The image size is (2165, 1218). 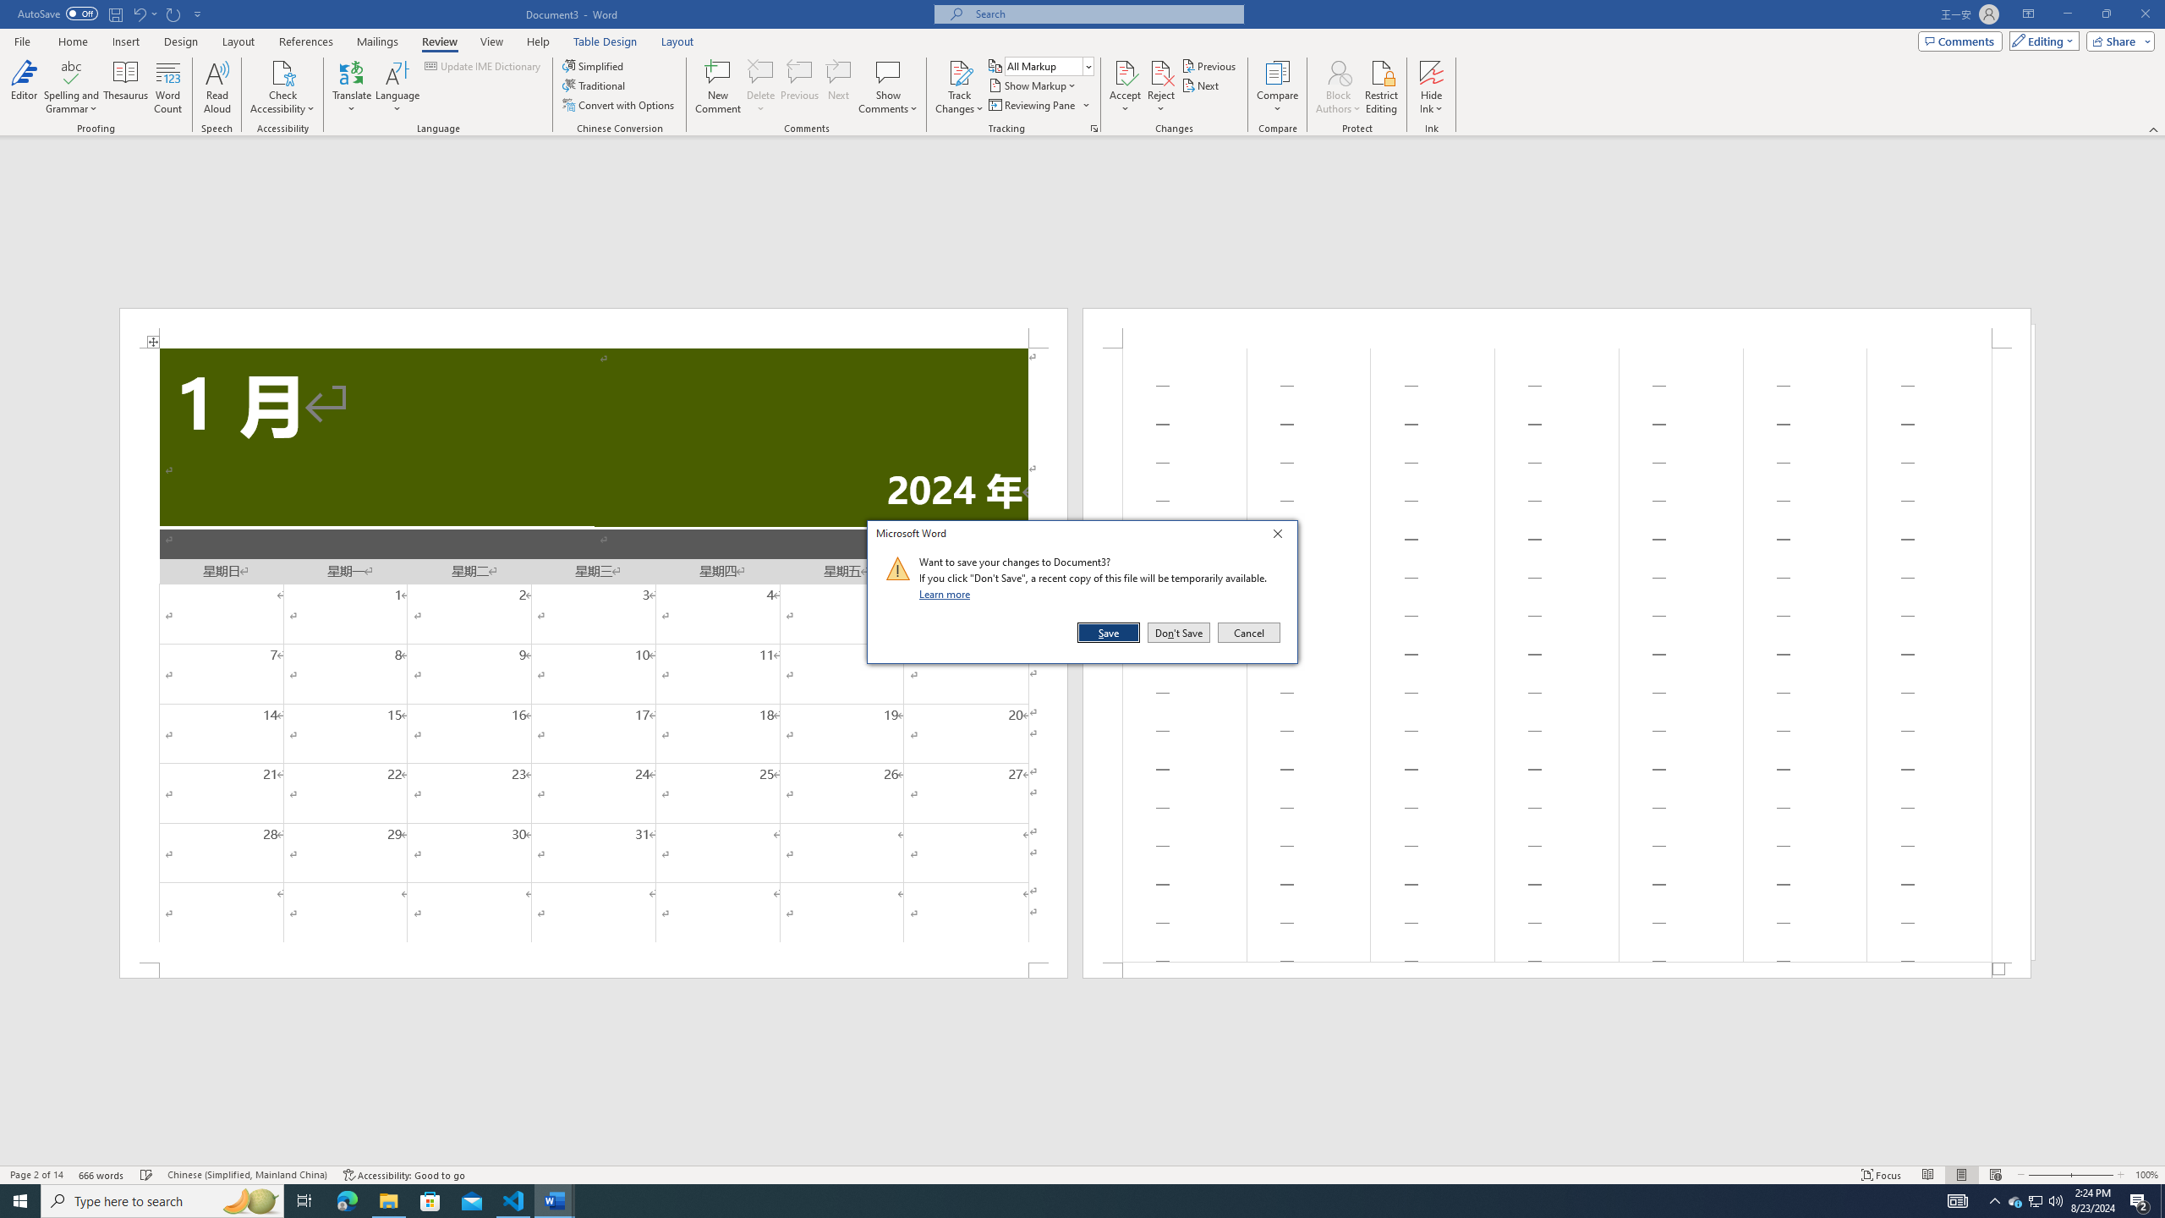 I want to click on 'Spelling and Grammar', so click(x=72, y=71).